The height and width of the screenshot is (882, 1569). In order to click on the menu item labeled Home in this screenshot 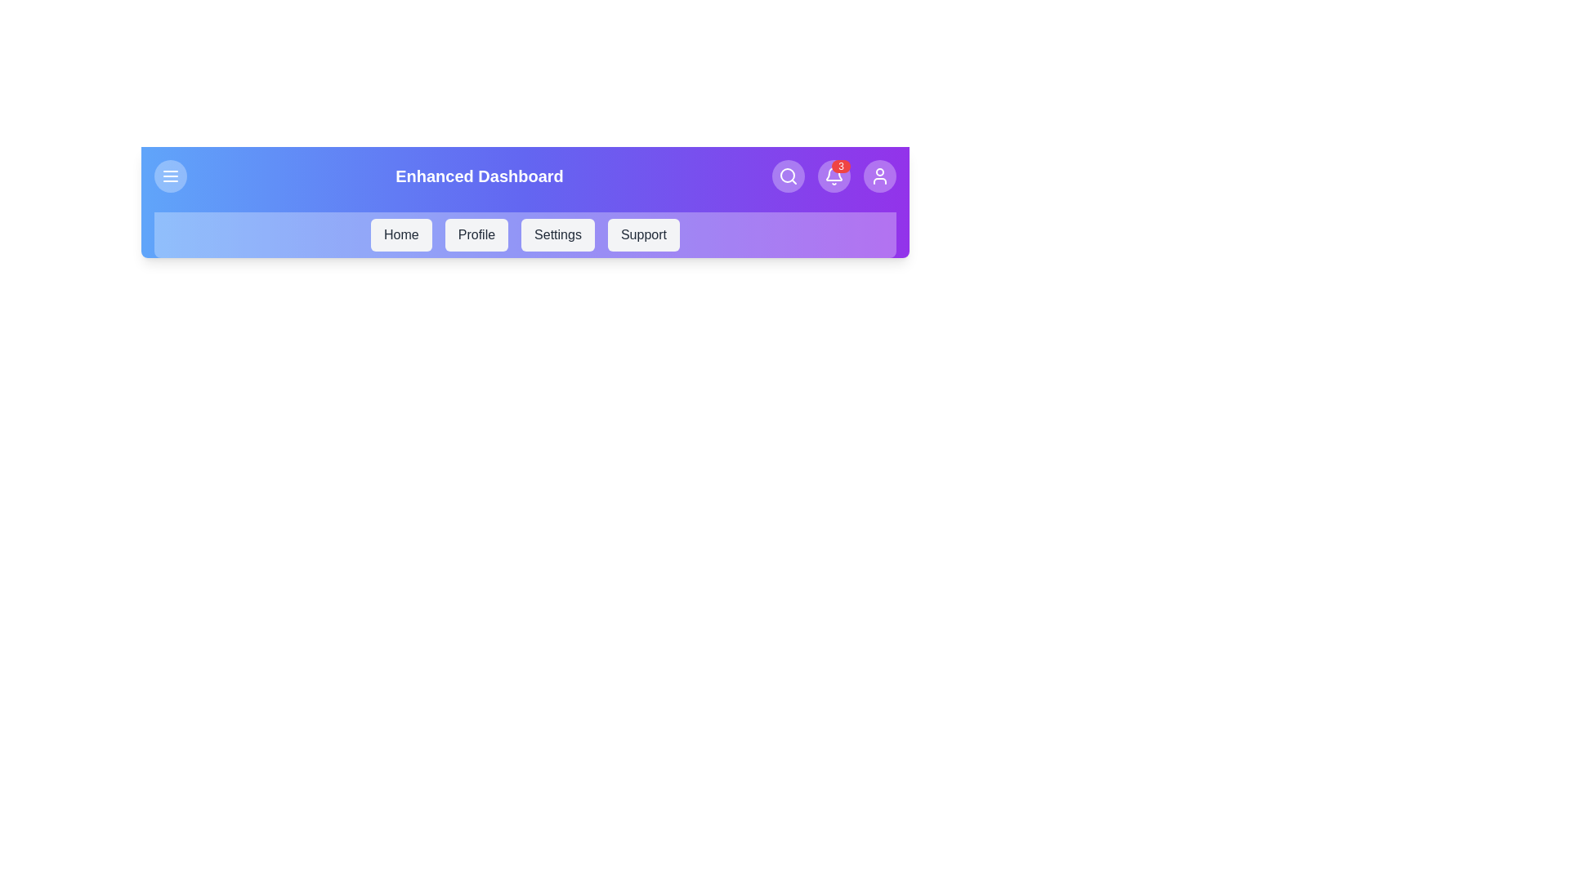, I will do `click(401, 235)`.